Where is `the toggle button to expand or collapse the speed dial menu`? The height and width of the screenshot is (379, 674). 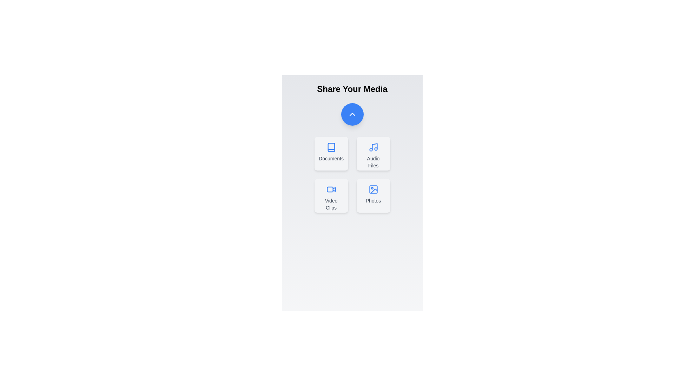
the toggle button to expand or collapse the speed dial menu is located at coordinates (352, 114).